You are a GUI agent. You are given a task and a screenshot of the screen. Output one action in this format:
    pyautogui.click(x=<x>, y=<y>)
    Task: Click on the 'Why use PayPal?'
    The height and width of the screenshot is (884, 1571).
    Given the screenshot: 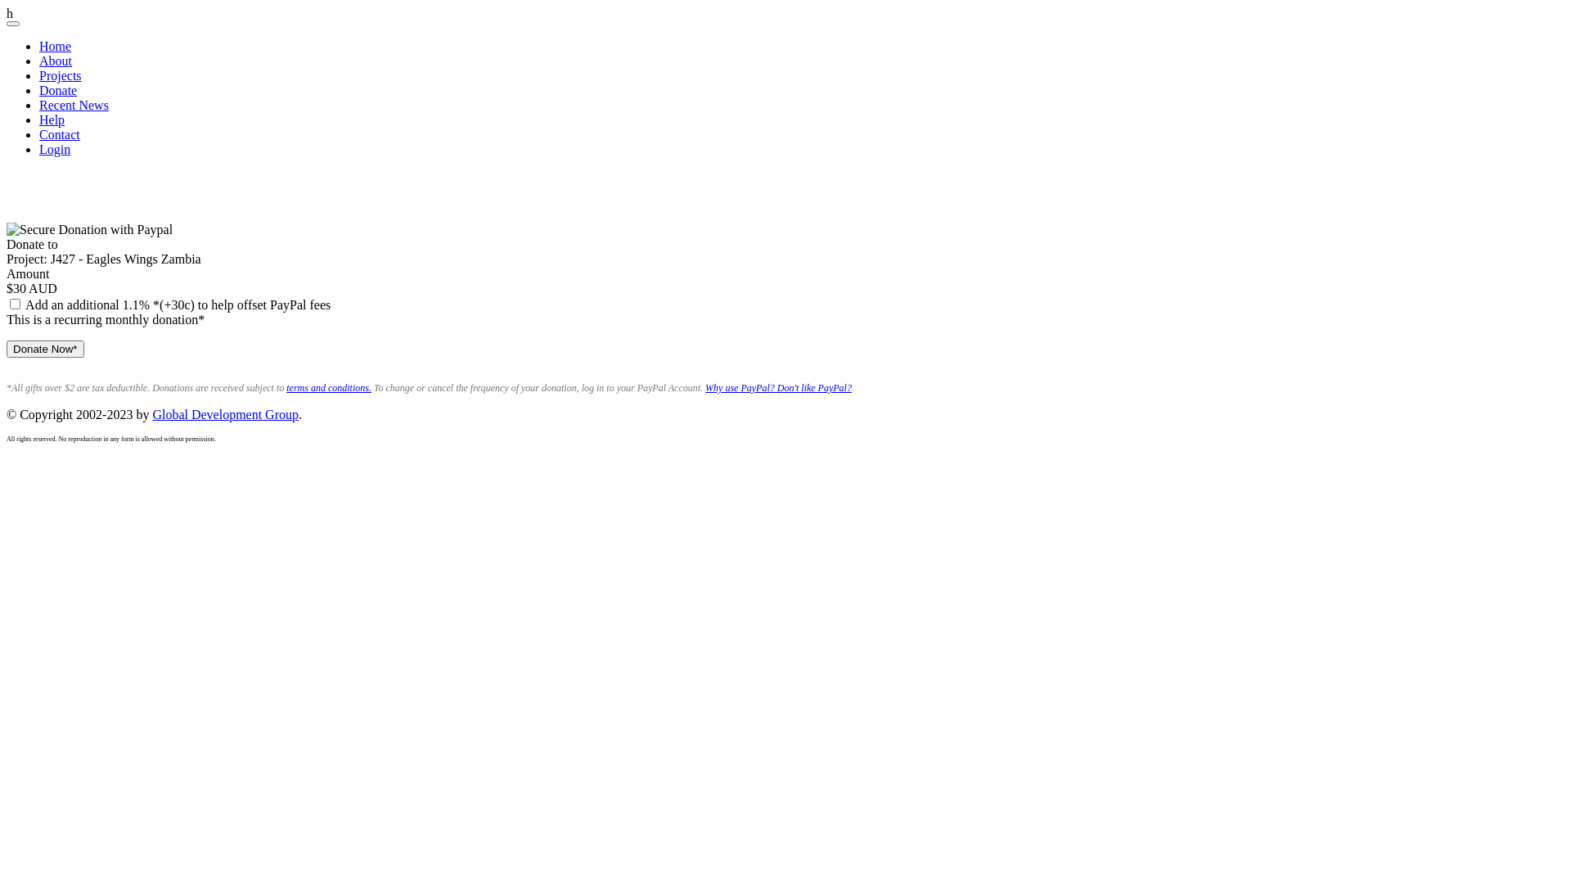 What is the action you would take?
    pyautogui.click(x=705, y=388)
    